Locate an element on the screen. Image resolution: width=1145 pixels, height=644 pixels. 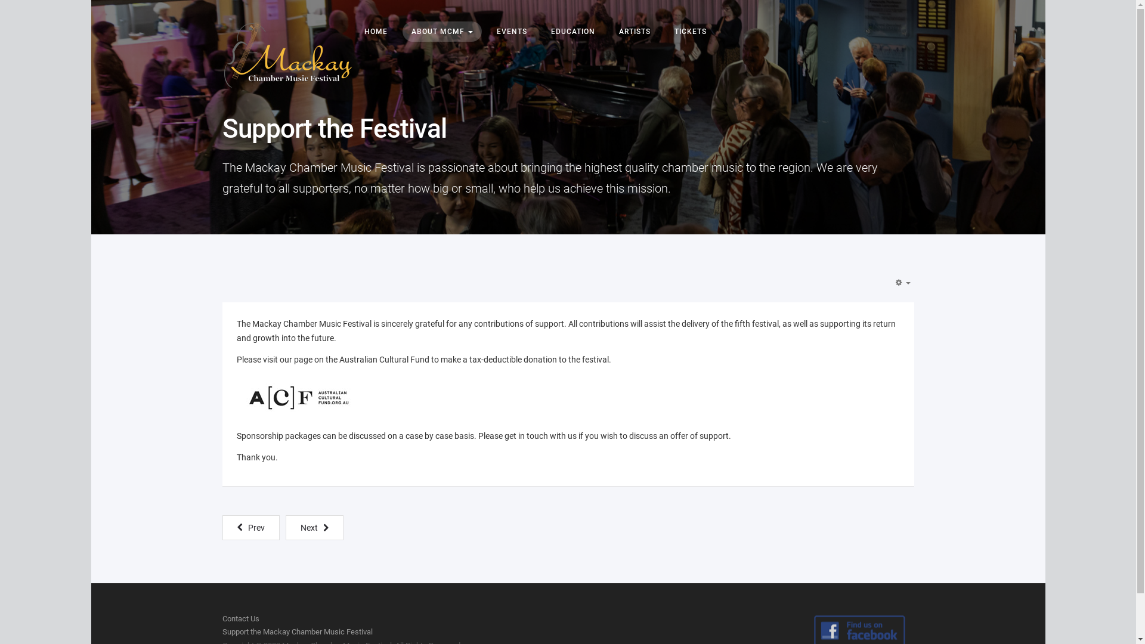
'ABOUT MCMF' is located at coordinates (441, 31).